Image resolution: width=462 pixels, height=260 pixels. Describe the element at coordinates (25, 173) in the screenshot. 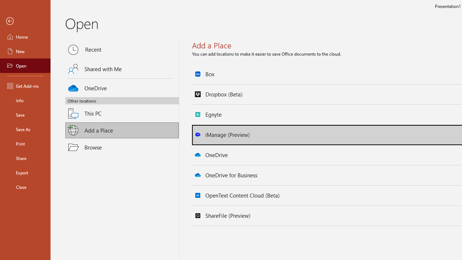

I see `'Export'` at that location.